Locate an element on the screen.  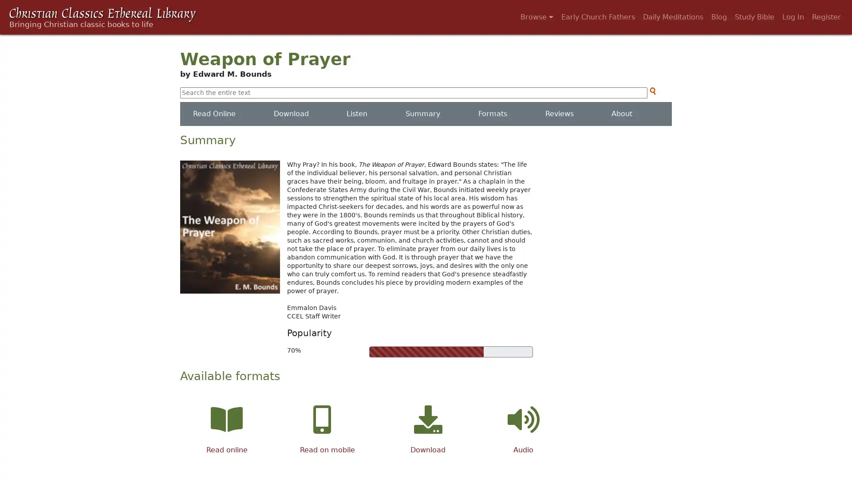
Summary is located at coordinates (422, 114).